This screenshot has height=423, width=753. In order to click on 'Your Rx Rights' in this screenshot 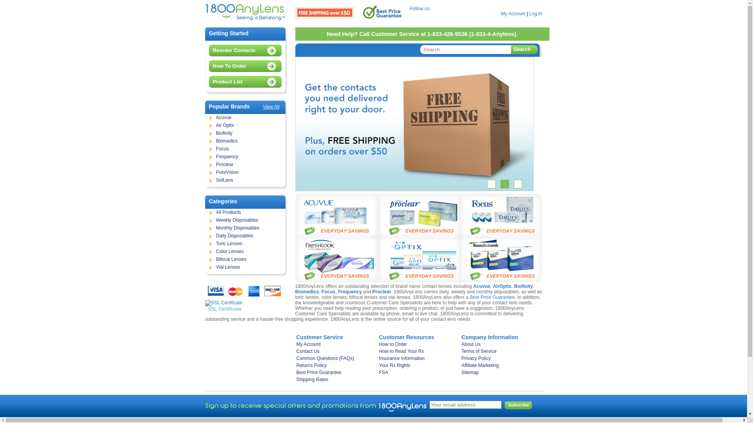, I will do `click(417, 365)`.